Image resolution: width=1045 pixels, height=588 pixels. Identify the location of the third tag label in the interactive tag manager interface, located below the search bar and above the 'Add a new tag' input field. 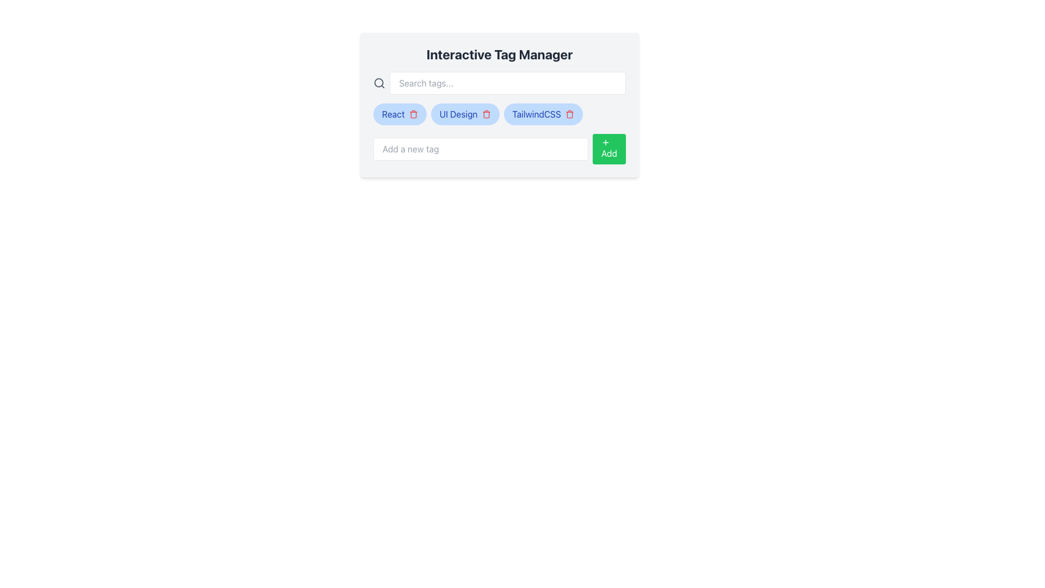
(537, 114).